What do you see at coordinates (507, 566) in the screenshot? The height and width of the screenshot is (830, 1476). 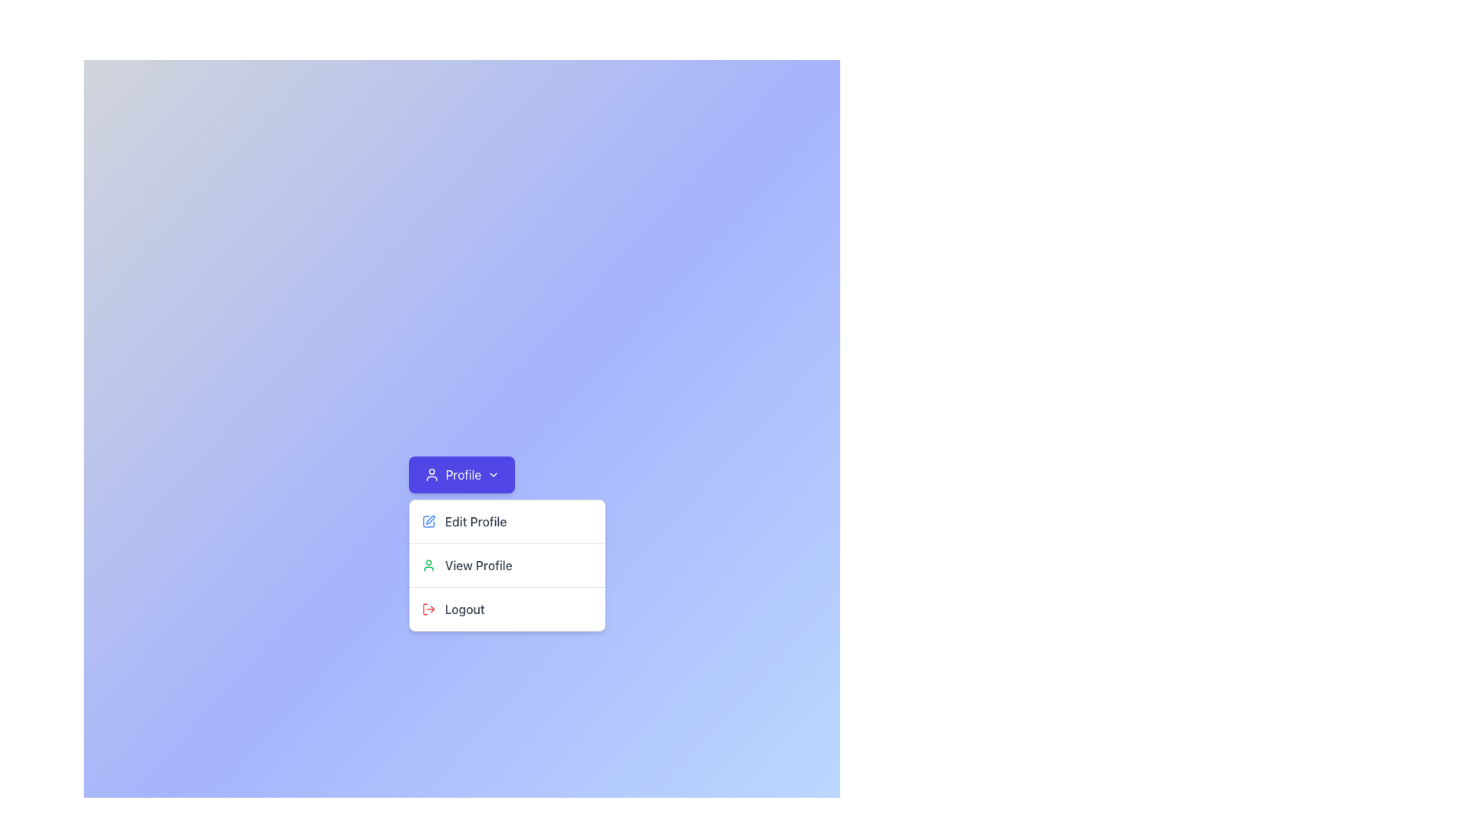 I see `the 'View Profile' menu item, which is the second item in the vertical dropdown menu` at bounding box center [507, 566].